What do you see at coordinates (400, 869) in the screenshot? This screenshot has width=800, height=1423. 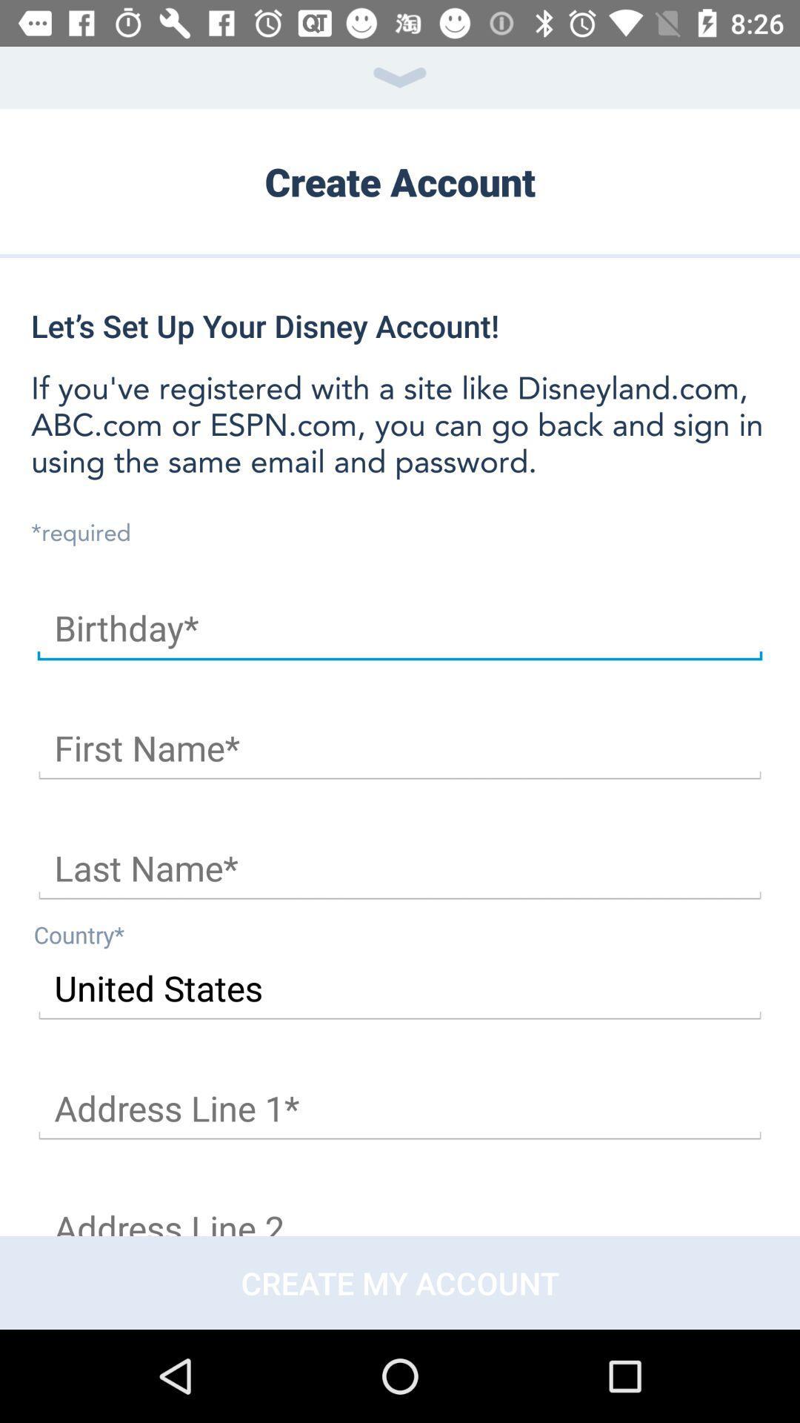 I see `last name entry field` at bounding box center [400, 869].